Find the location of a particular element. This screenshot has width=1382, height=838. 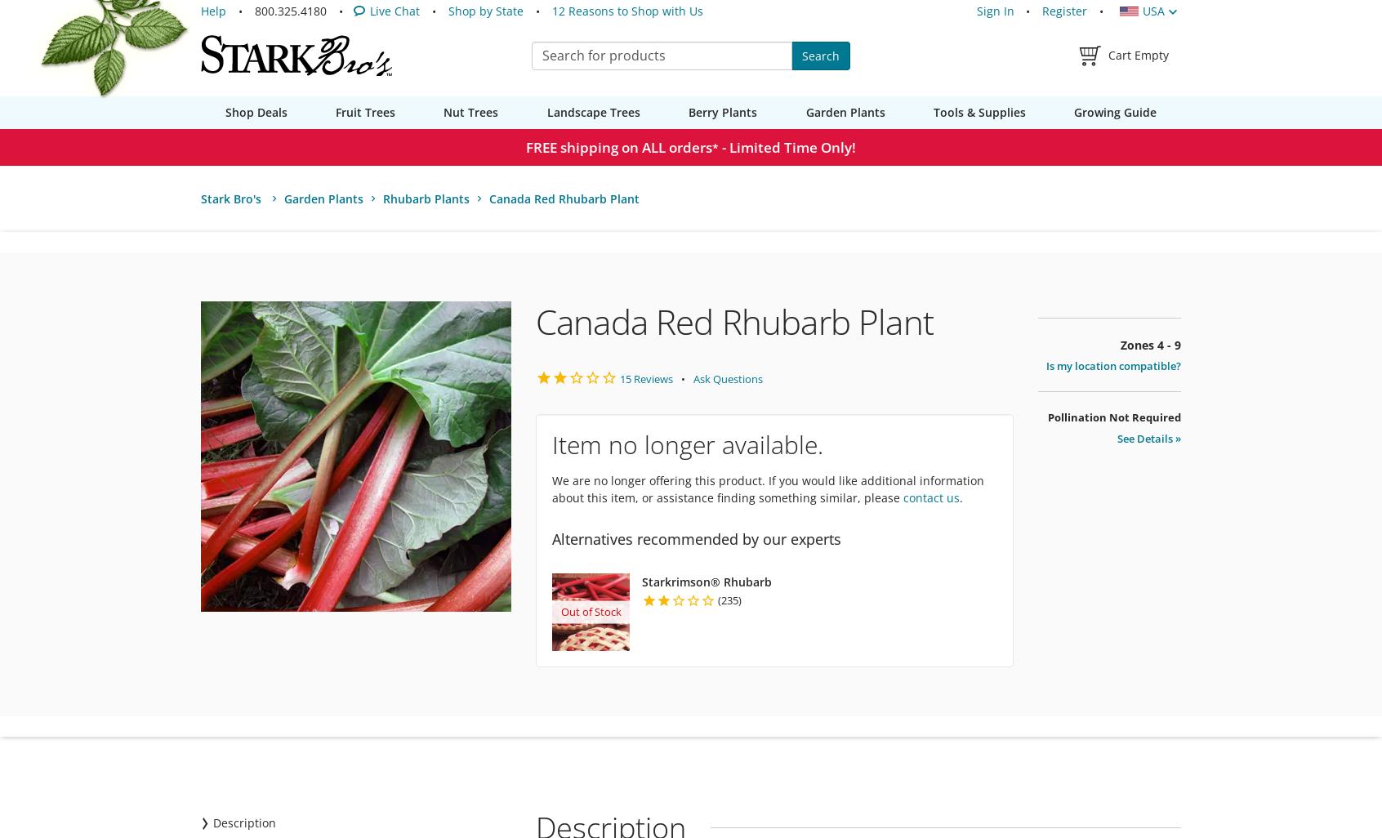

'Shop Deals' is located at coordinates (255, 112).